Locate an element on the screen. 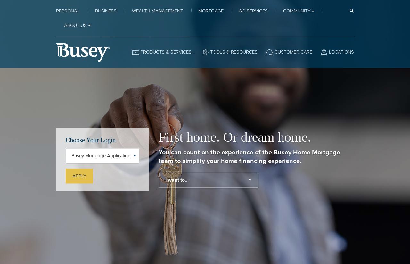 Image resolution: width=410 pixels, height=264 pixels. 'Choose Your Login' is located at coordinates (90, 139).